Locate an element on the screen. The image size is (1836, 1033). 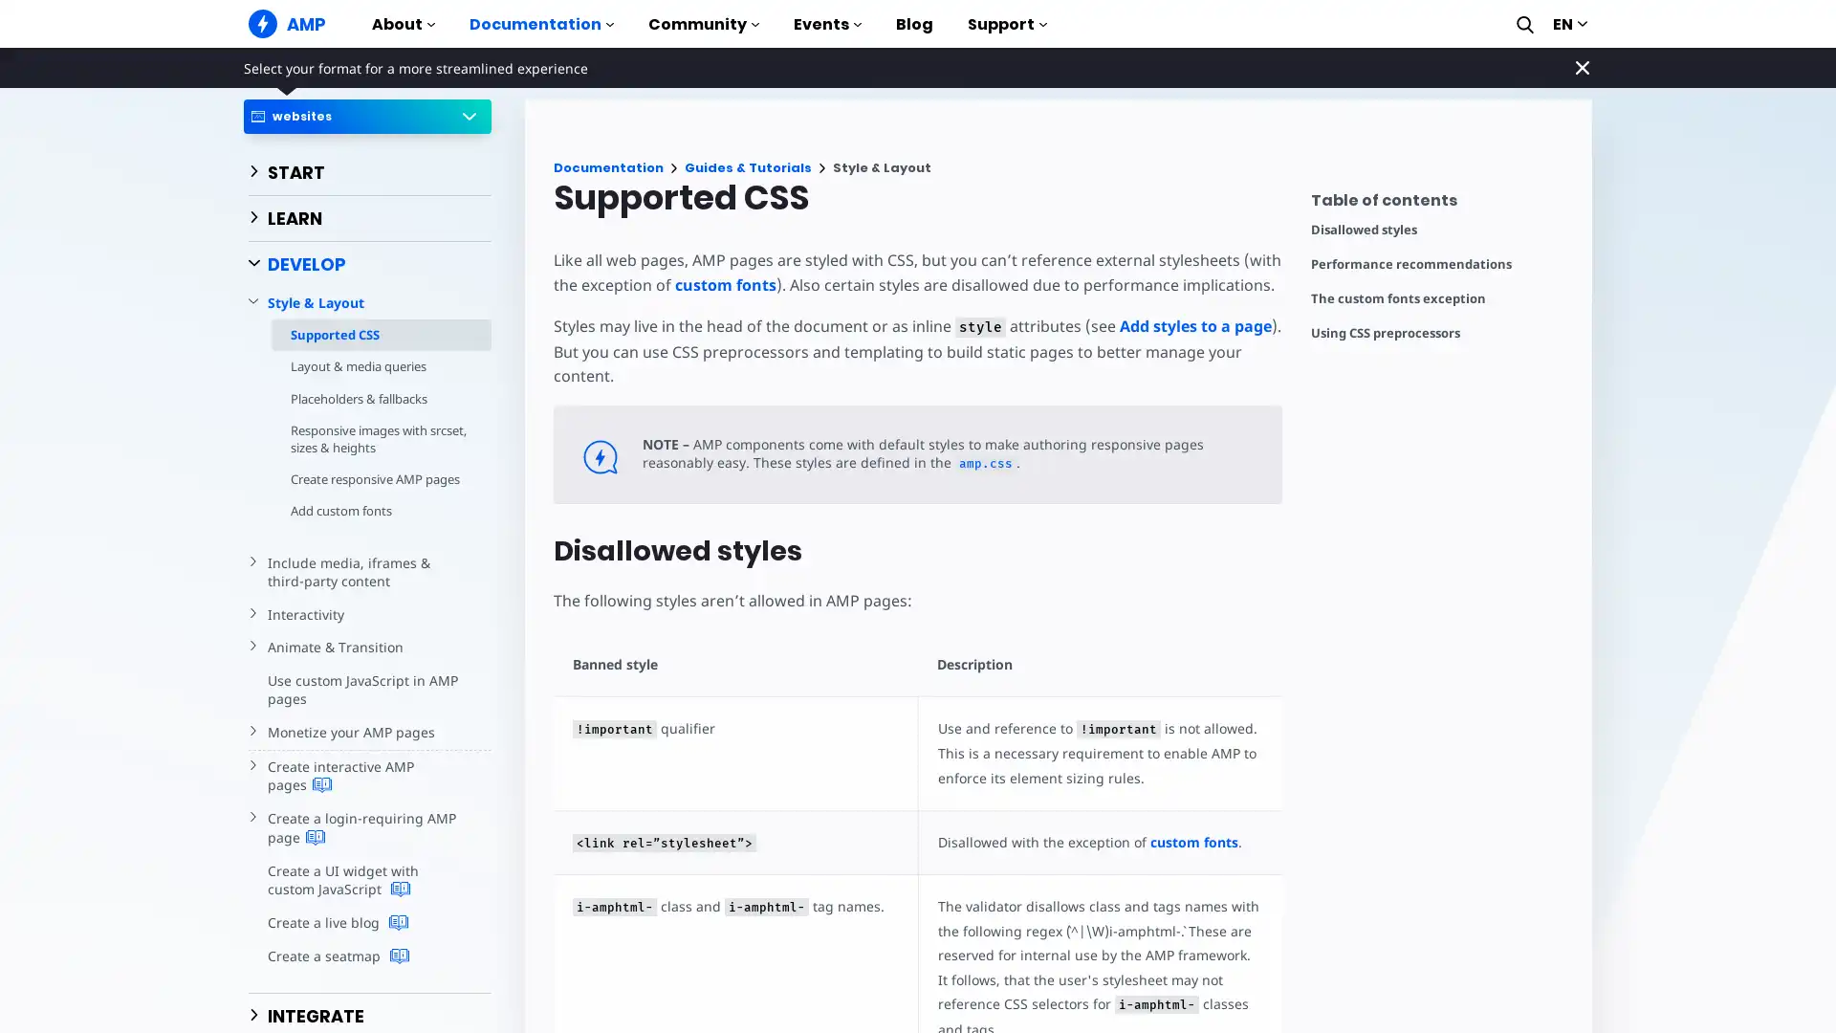
Community is located at coordinates (702, 31).